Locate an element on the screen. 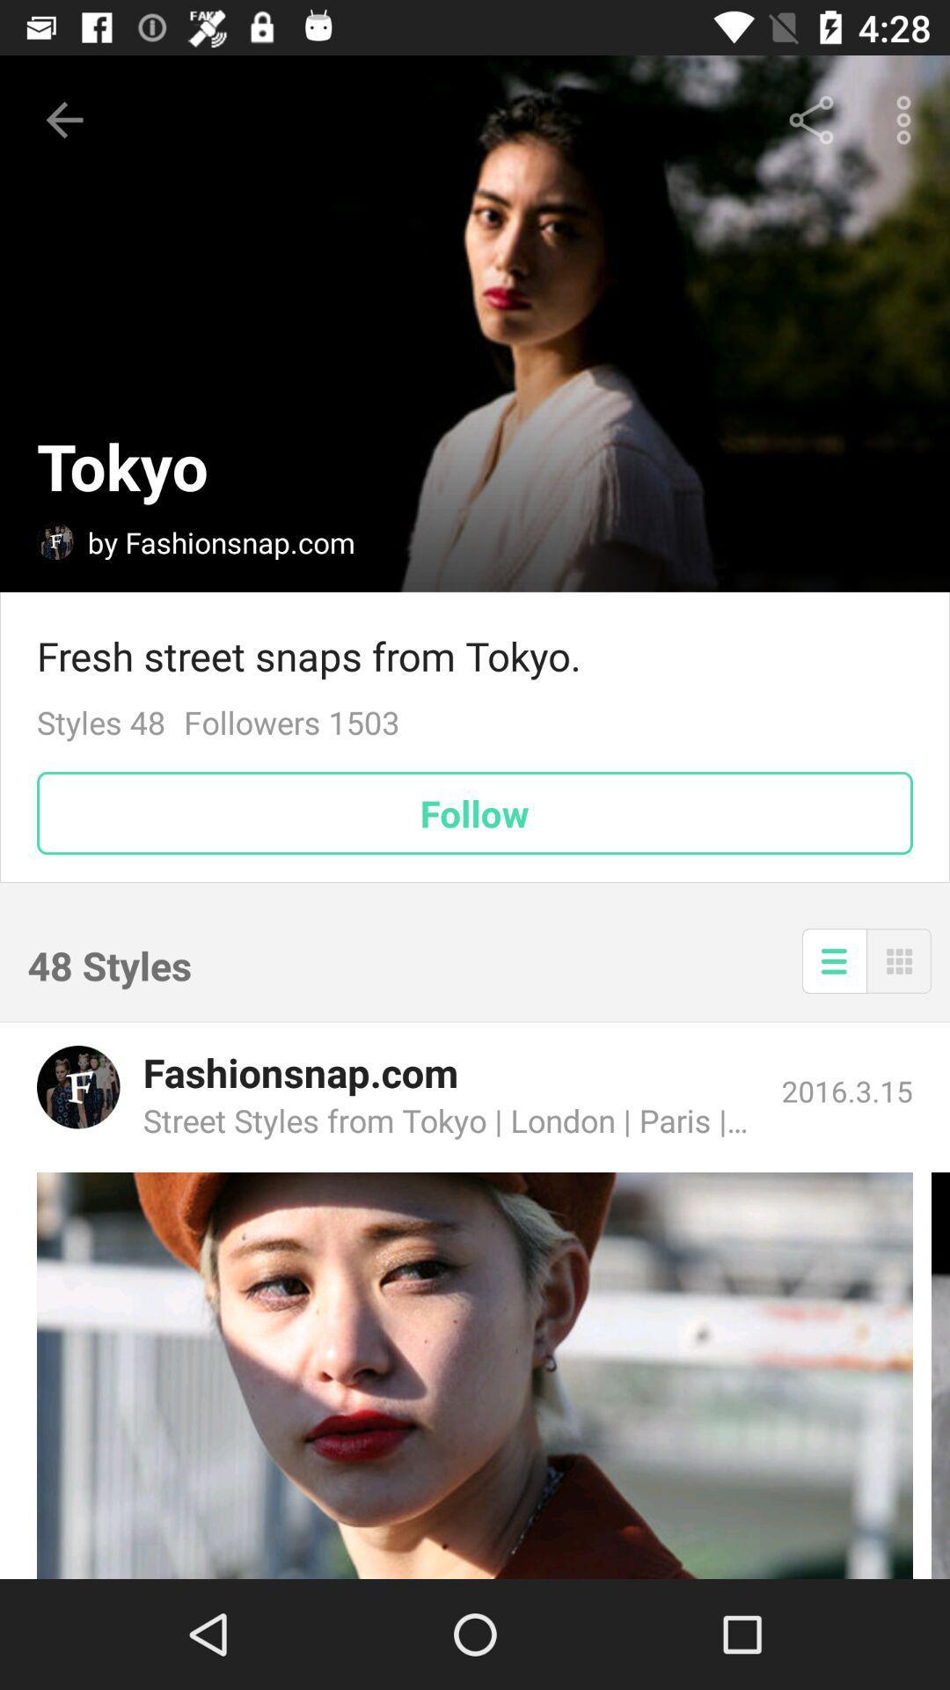 This screenshot has width=950, height=1690. user profile page is located at coordinates (54, 540).